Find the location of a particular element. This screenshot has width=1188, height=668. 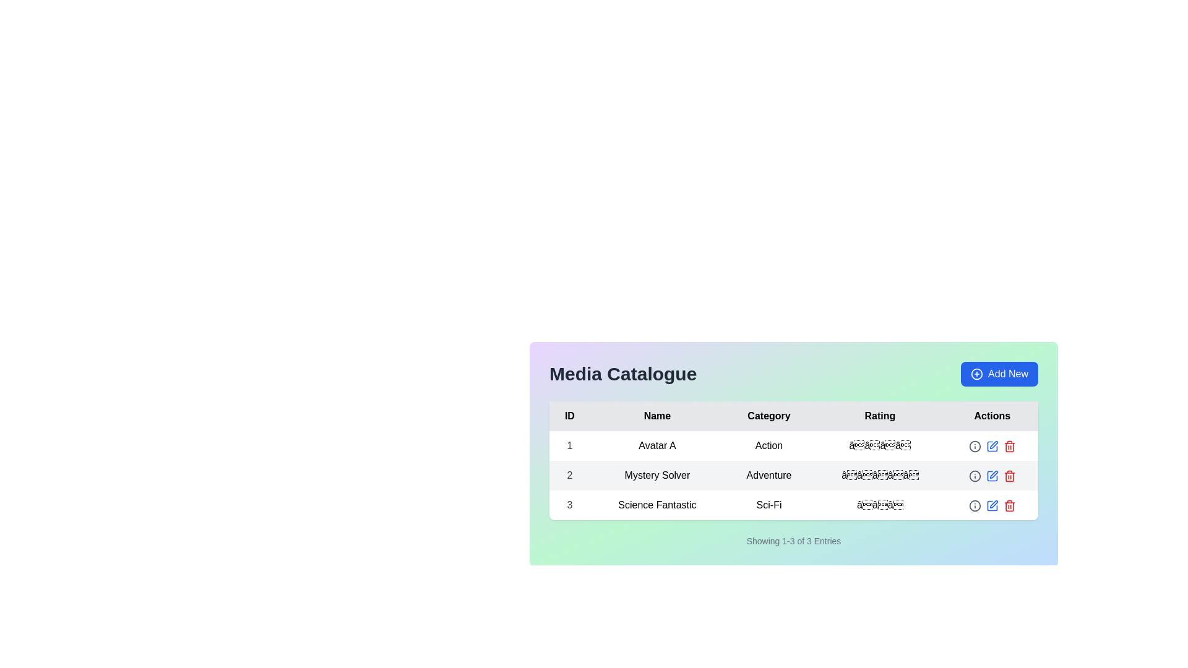

the circular information icon in the 'Actions' column of the second row for the 'Adventure' category is located at coordinates (974, 505).